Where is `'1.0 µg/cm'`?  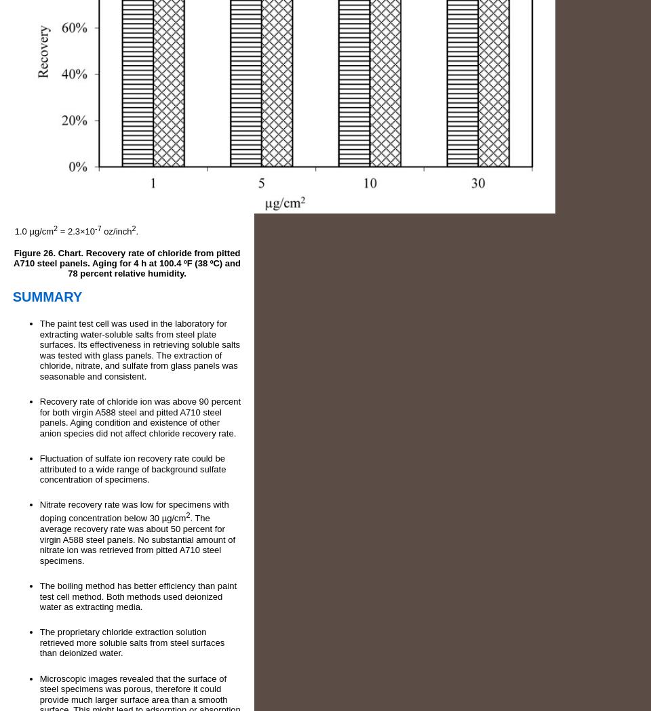
'1.0 µg/cm' is located at coordinates (33, 230).